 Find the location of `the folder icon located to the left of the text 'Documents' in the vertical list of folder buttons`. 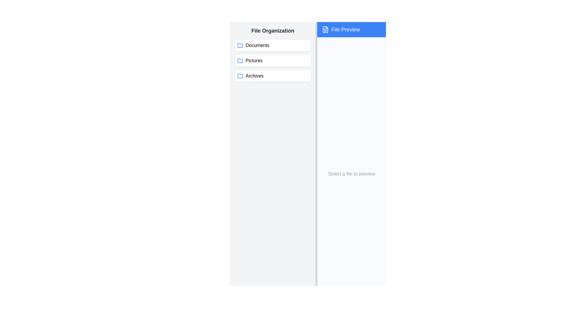

the folder icon located to the left of the text 'Documents' in the vertical list of folder buttons is located at coordinates (240, 45).